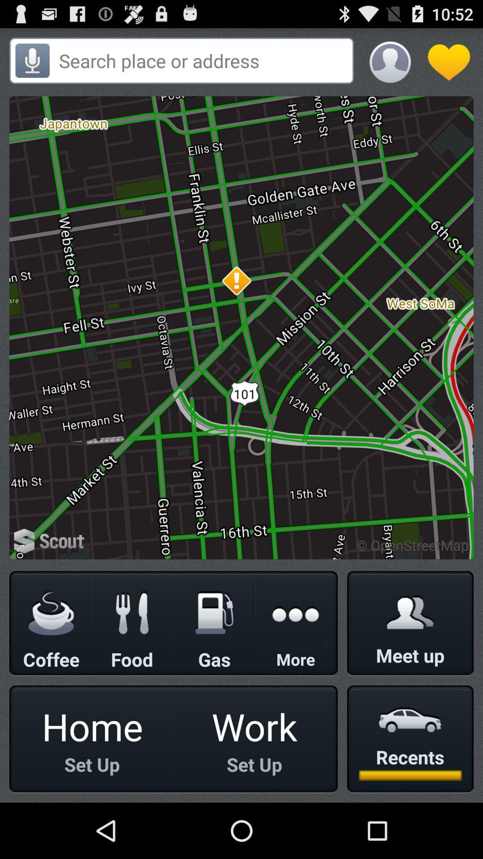 This screenshot has width=483, height=859. Describe the element at coordinates (32, 64) in the screenshot. I see `the microphone icon` at that location.